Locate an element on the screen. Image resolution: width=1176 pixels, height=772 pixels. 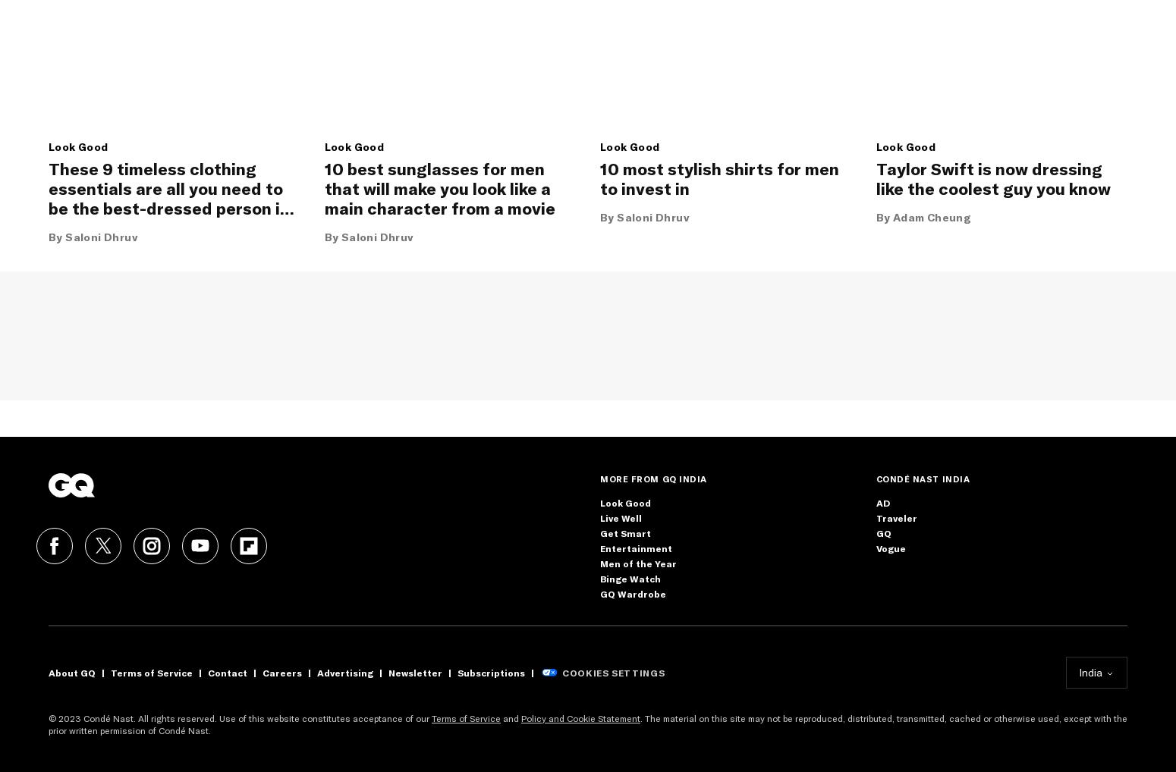
'Contact' is located at coordinates (227, 672).